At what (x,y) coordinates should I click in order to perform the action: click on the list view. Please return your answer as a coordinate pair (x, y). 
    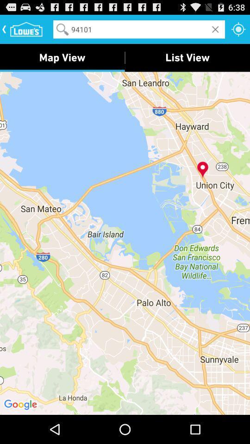
    Looking at the image, I should click on (187, 57).